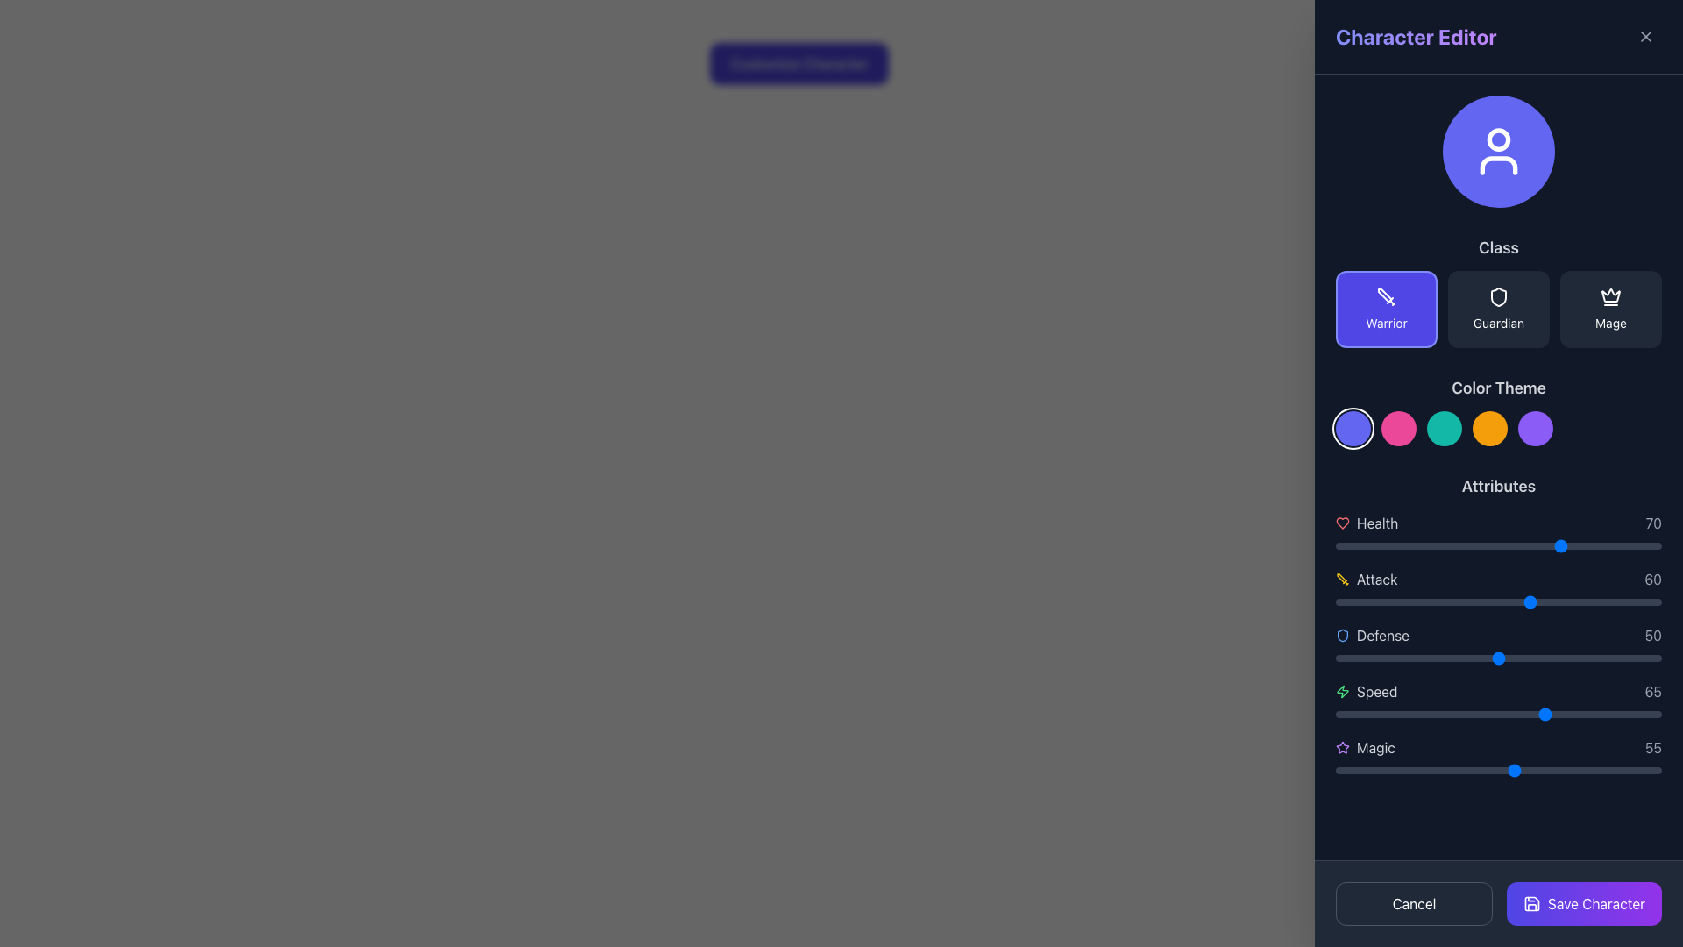  I want to click on the second circular button from the left in the 'Color Theme' section of the Character Editor, so click(1398, 429).